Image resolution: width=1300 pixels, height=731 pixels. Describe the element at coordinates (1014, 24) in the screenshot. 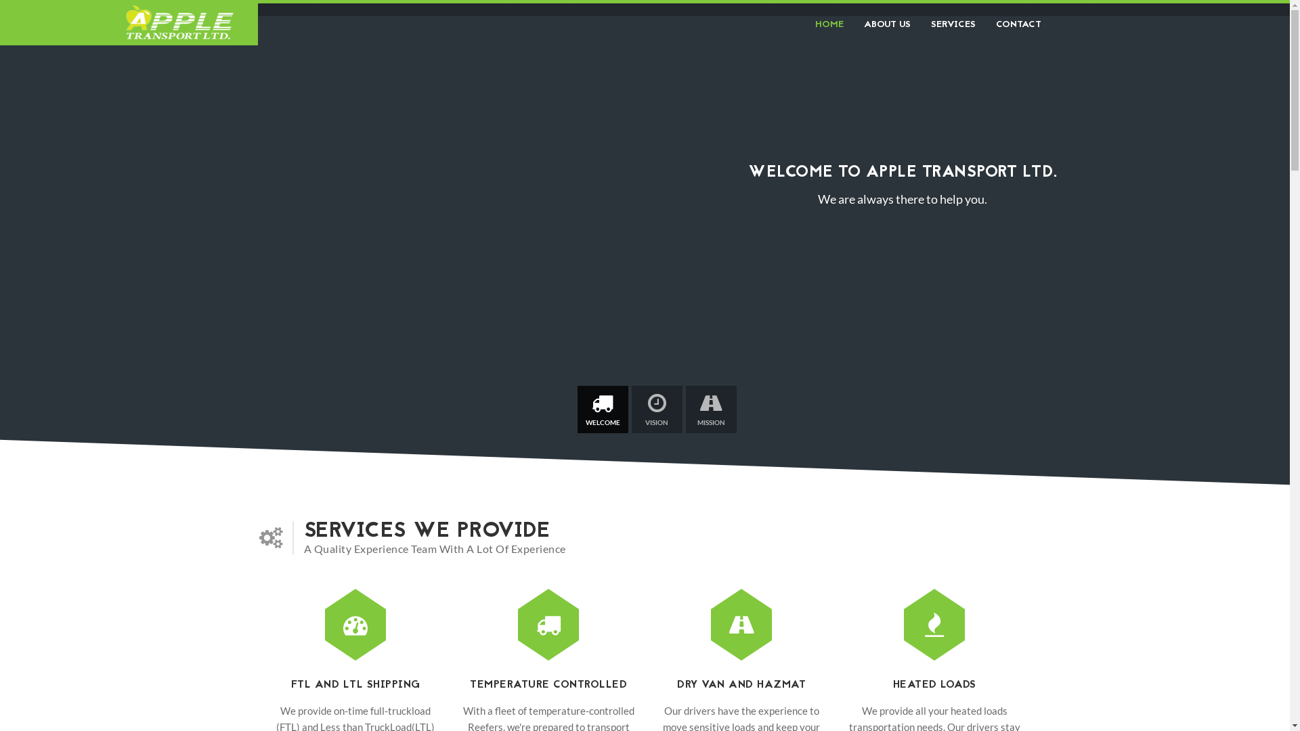

I see `'CONTACT'` at that location.